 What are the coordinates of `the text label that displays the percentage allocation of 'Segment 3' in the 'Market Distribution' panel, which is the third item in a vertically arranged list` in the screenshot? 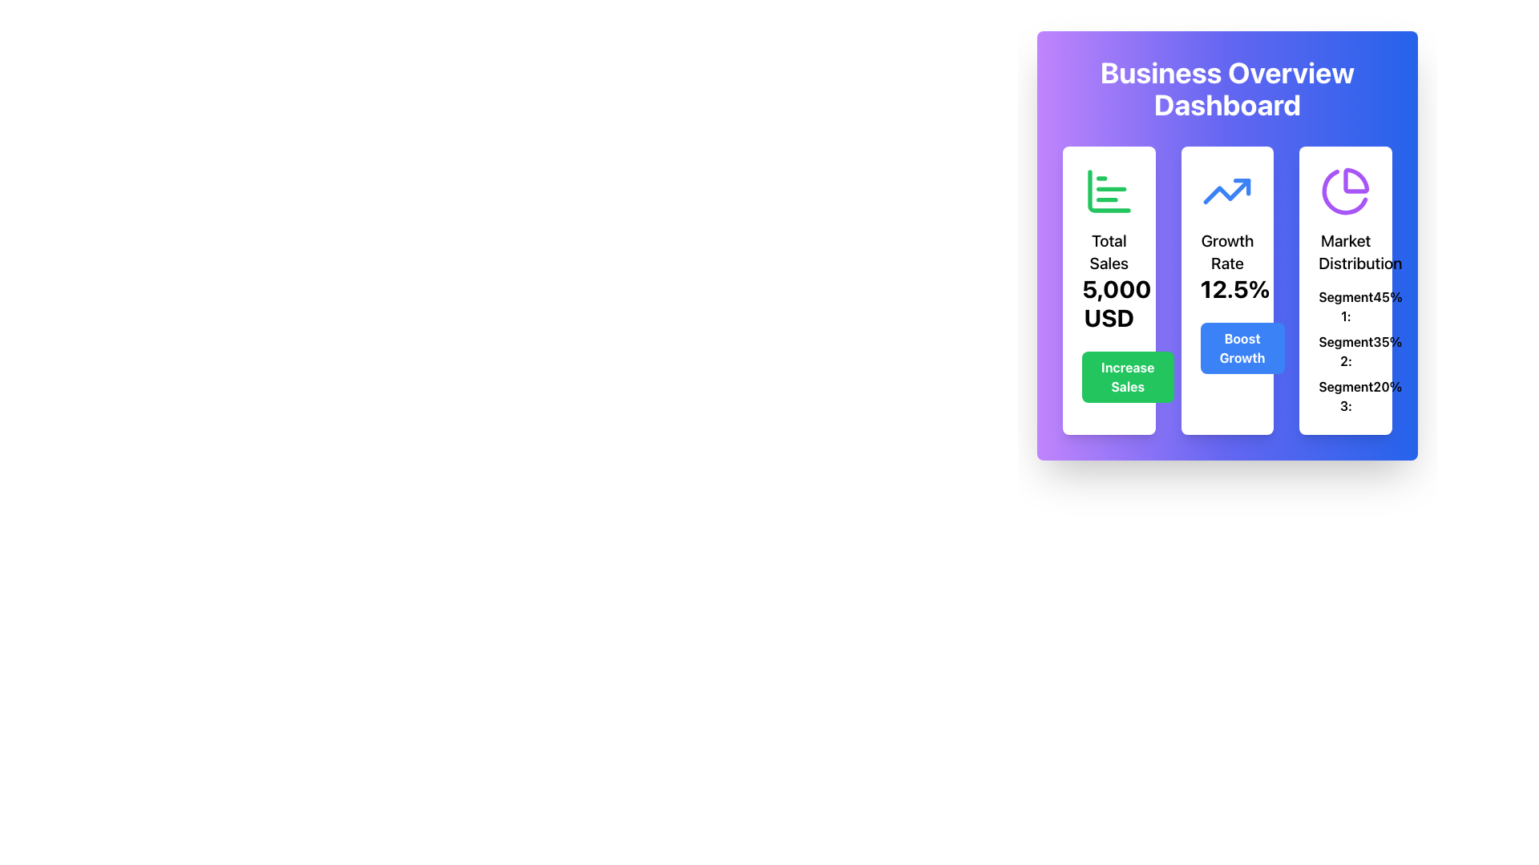 It's located at (1346, 396).